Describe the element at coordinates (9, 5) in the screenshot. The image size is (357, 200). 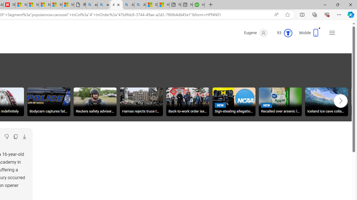
I see `'Illness news & latest pictures from Newsweek.com'` at that location.